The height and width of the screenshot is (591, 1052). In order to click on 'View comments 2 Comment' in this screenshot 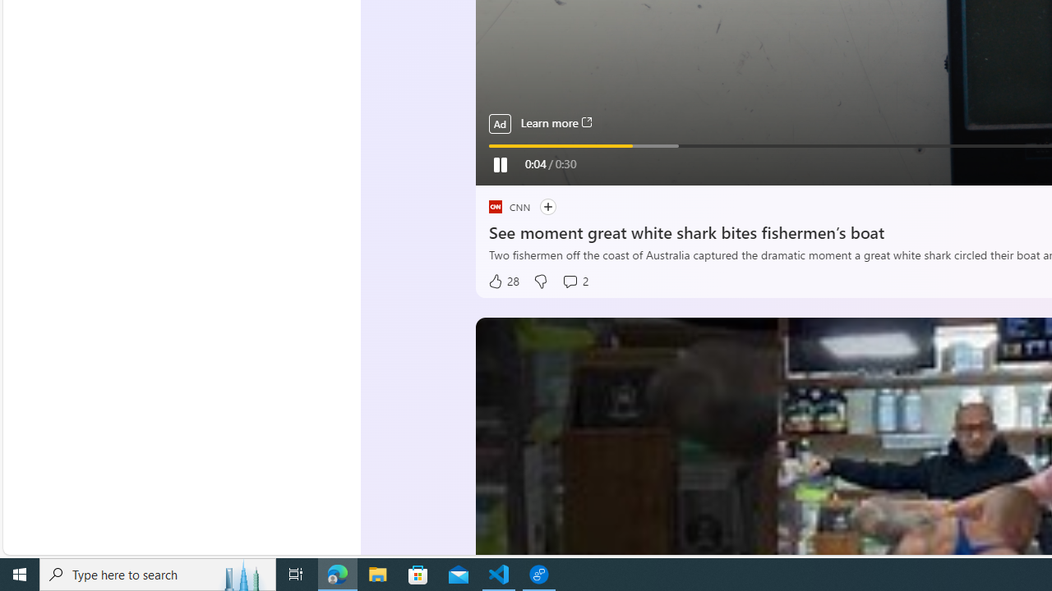, I will do `click(574, 281)`.